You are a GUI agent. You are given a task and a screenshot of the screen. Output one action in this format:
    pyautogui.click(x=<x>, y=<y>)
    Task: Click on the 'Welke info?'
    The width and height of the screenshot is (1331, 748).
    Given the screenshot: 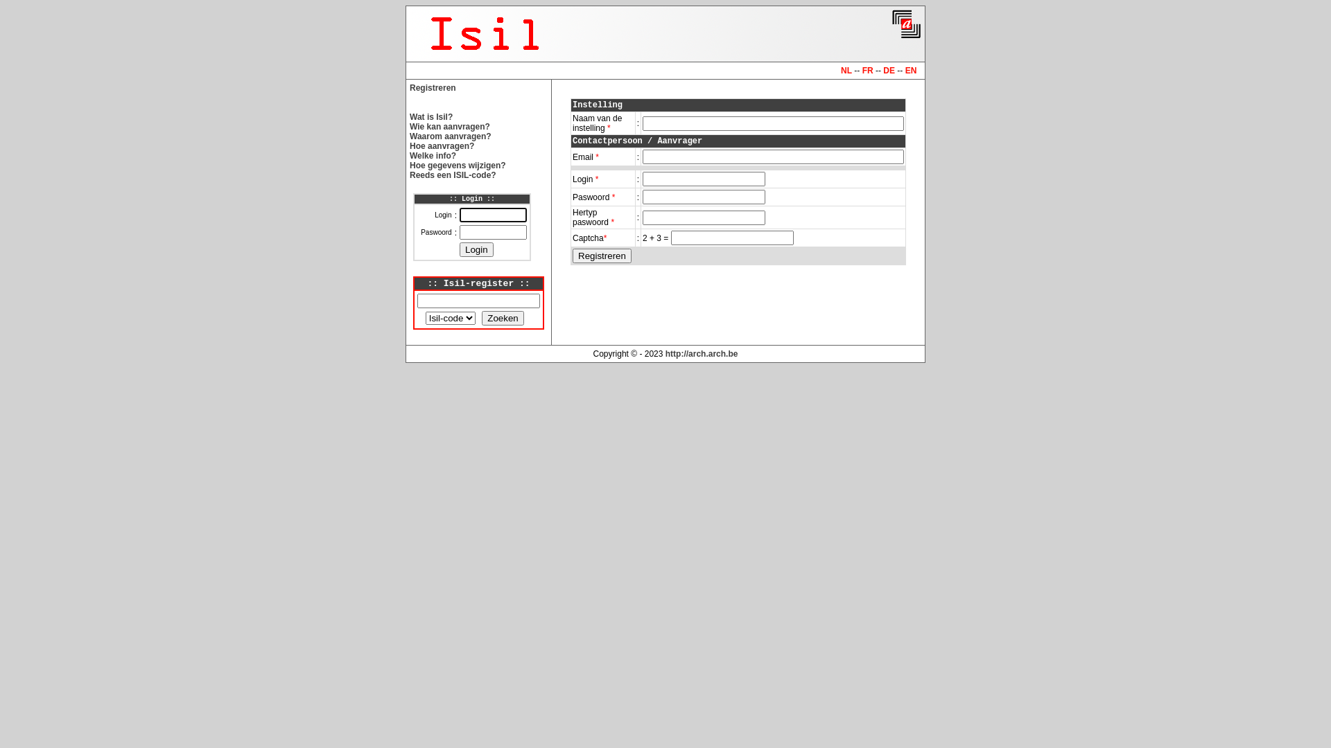 What is the action you would take?
    pyautogui.click(x=408, y=155)
    